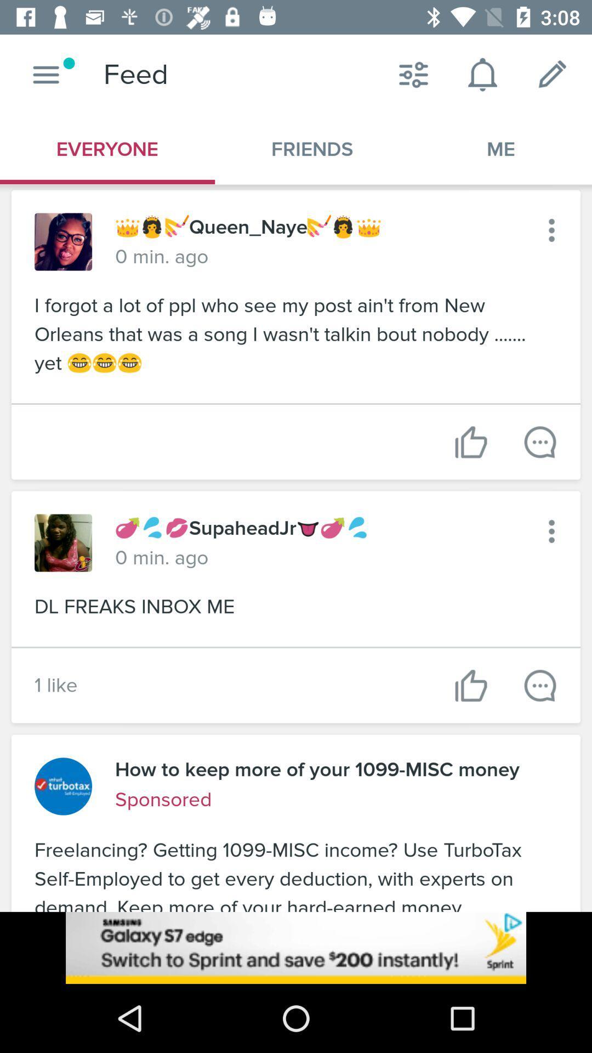  What do you see at coordinates (551, 230) in the screenshot?
I see `settings` at bounding box center [551, 230].